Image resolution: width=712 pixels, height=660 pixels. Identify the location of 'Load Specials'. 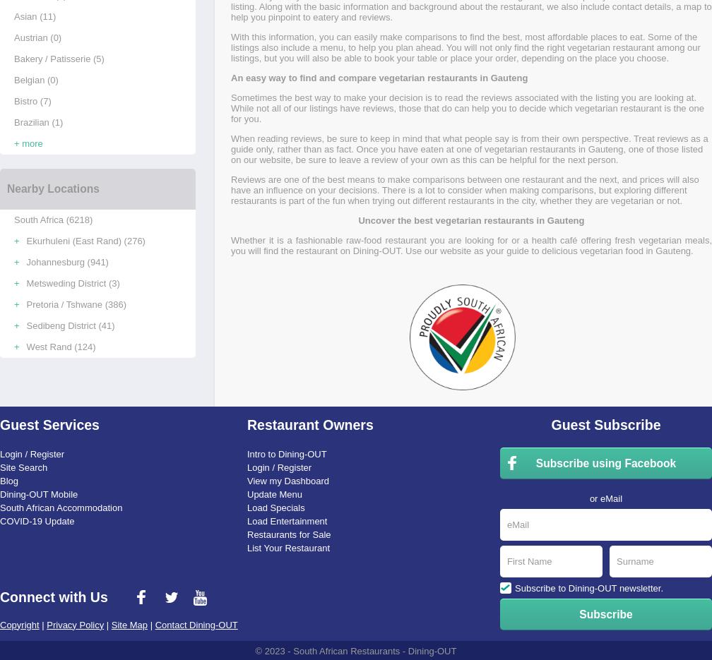
(275, 506).